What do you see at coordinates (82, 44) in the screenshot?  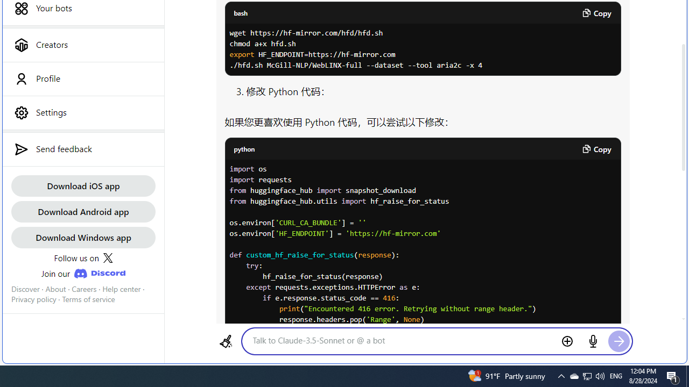 I see `'Creators'` at bounding box center [82, 44].